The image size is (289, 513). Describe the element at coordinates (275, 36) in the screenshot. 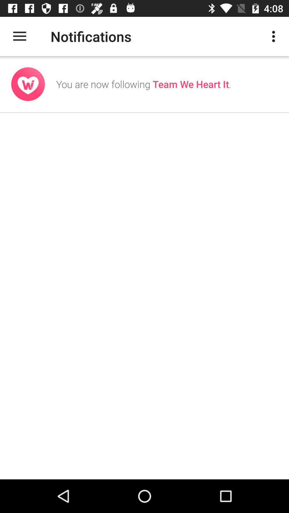

I see `icon above the you are now item` at that location.